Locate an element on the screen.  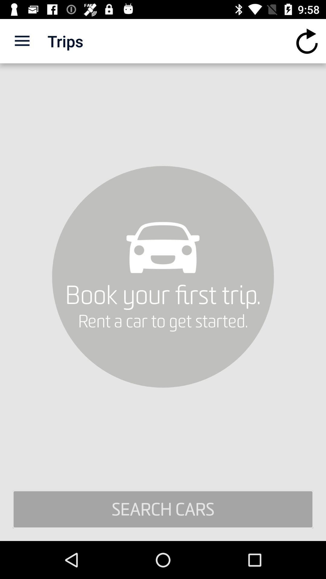
search cars item is located at coordinates (163, 509).